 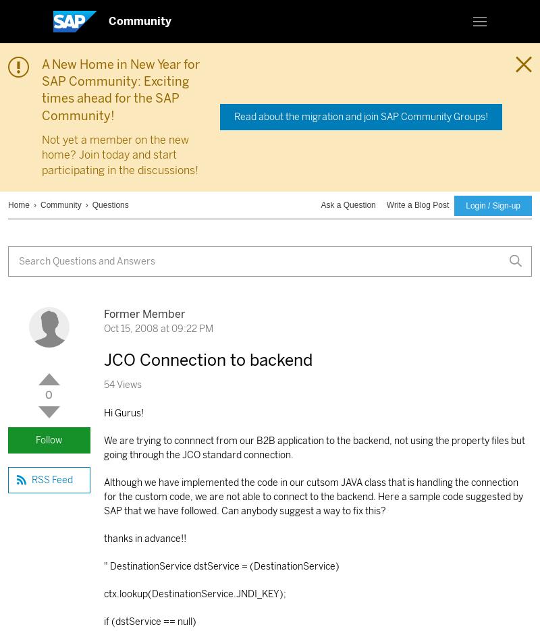 What do you see at coordinates (492, 204) in the screenshot?
I see `'Login / Sign-up'` at bounding box center [492, 204].